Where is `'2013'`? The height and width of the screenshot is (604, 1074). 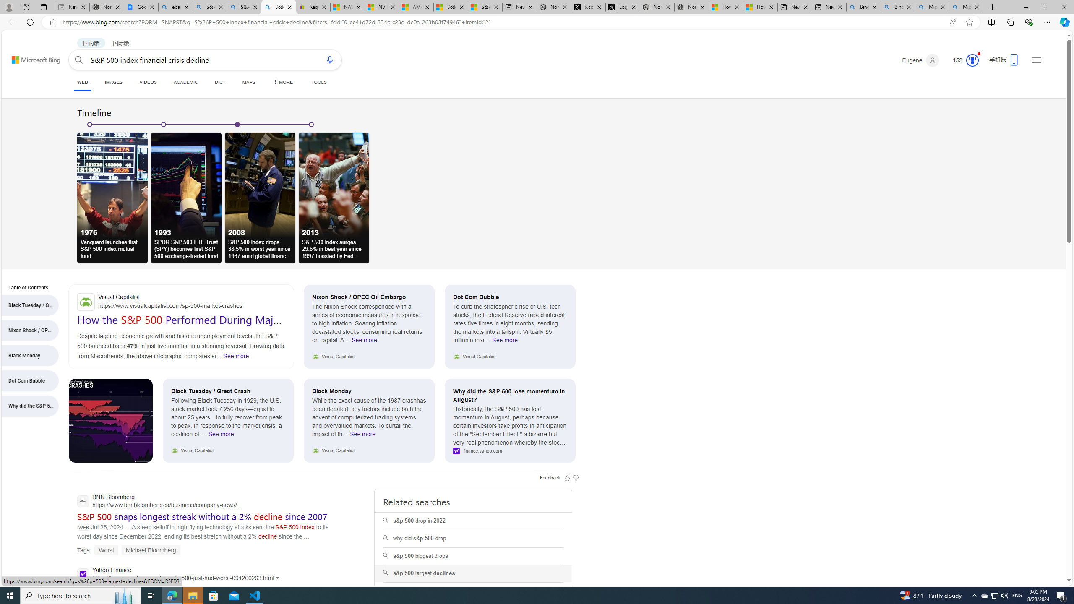
'2013' is located at coordinates (334, 185).